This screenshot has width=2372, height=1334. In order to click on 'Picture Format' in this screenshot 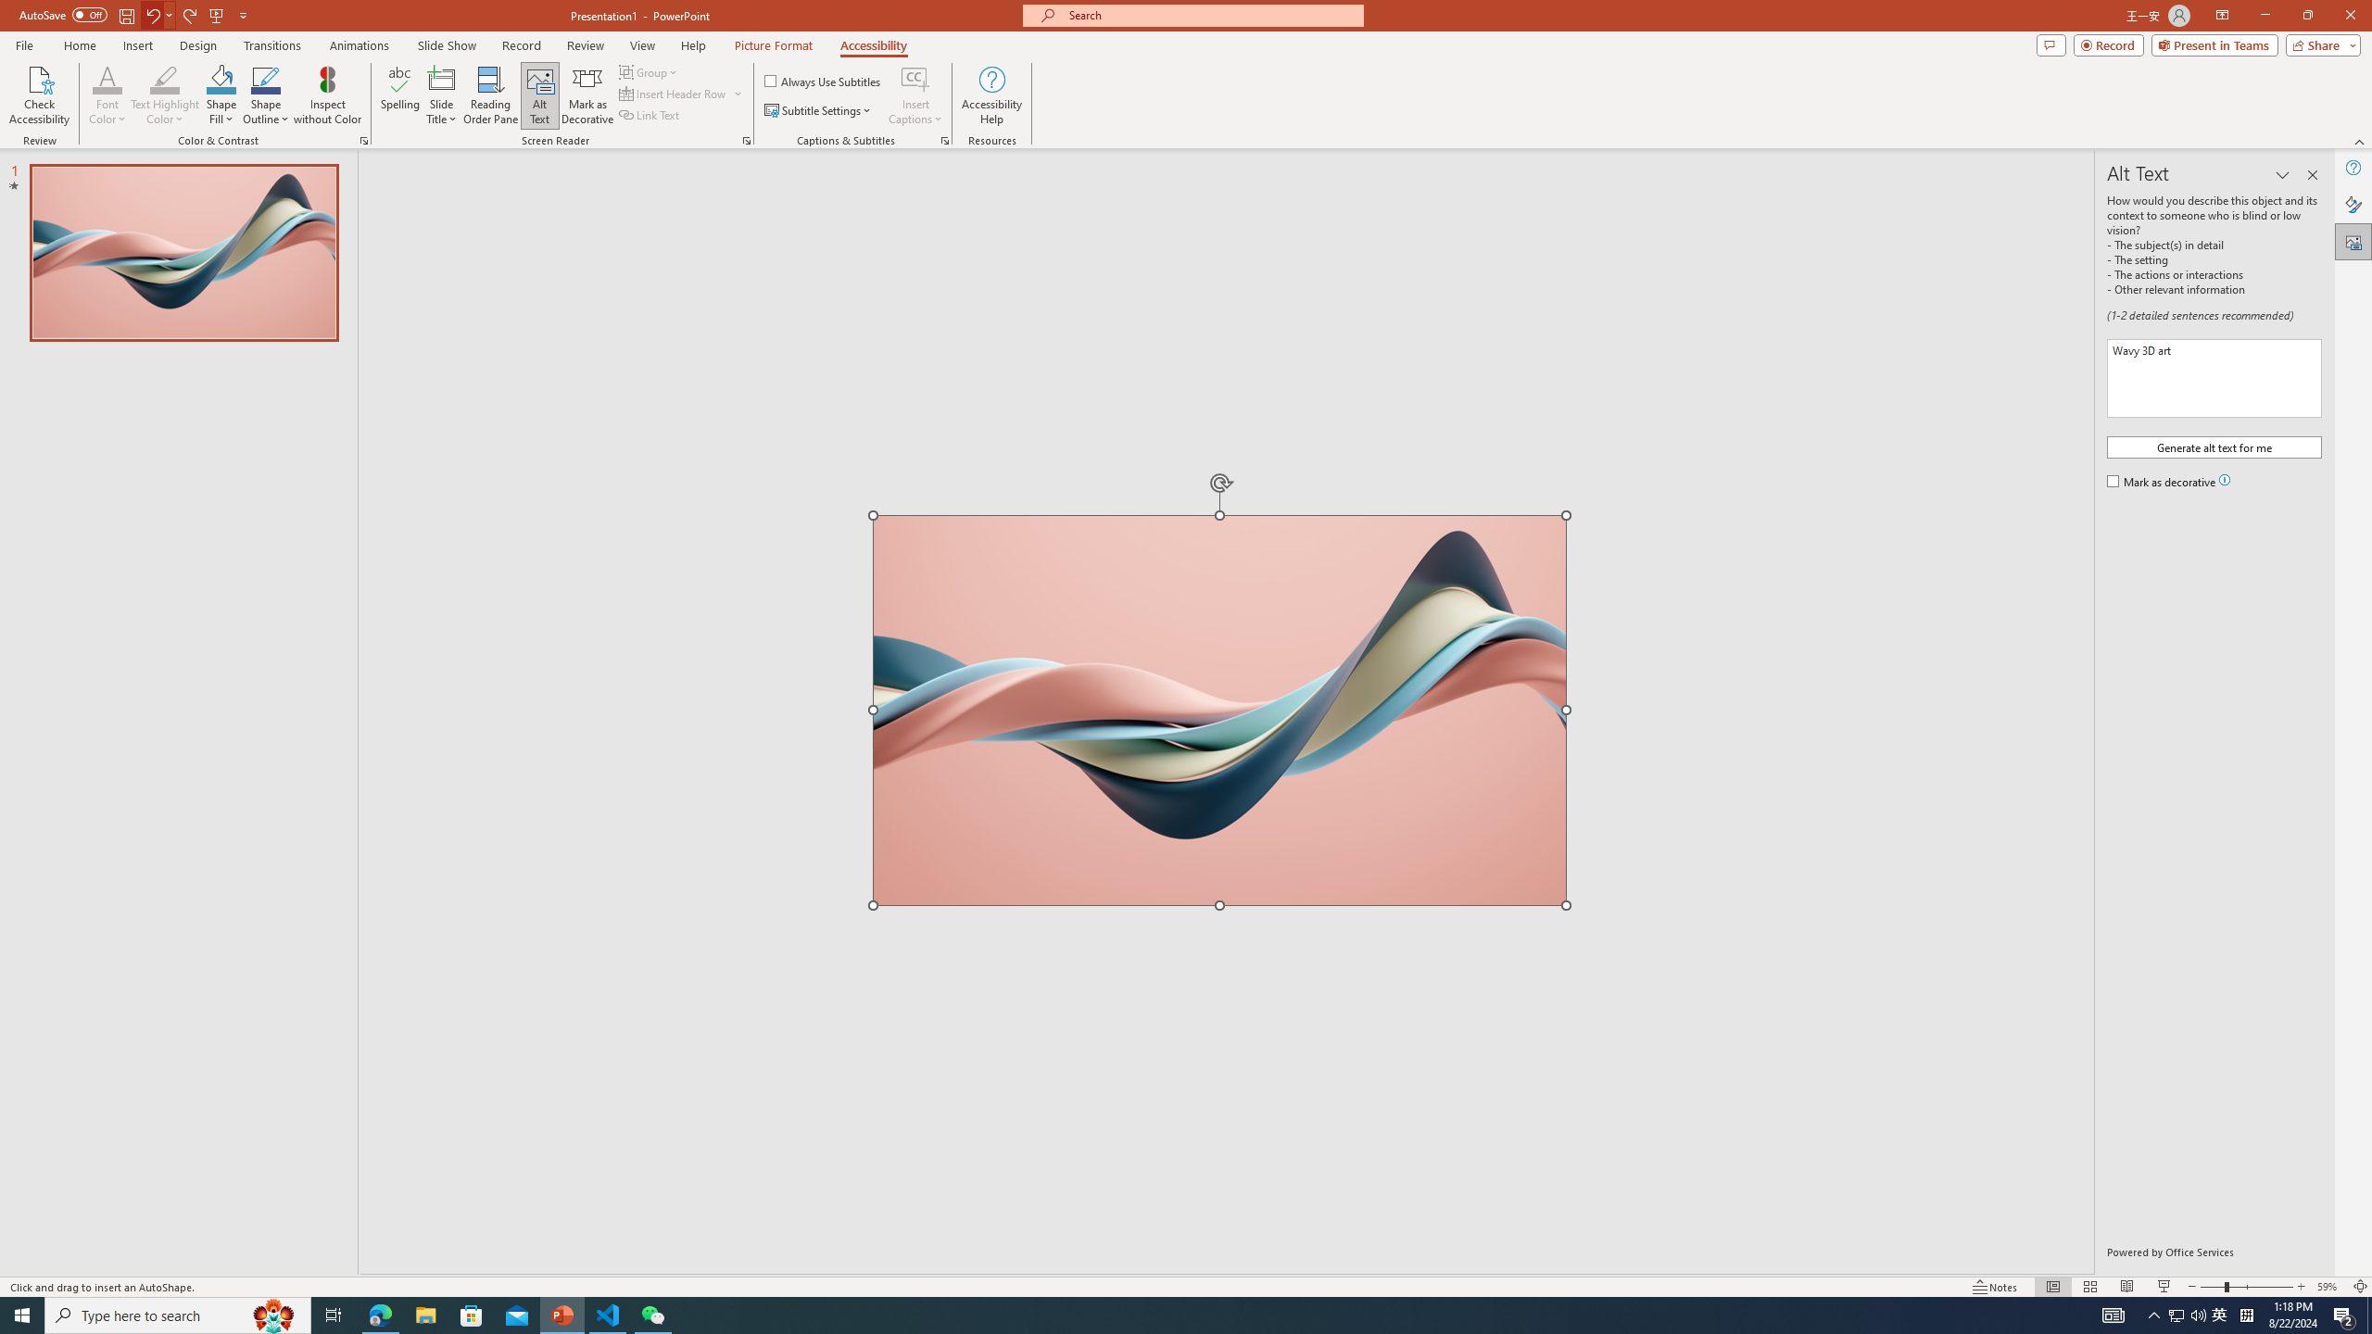, I will do `click(774, 45)`.